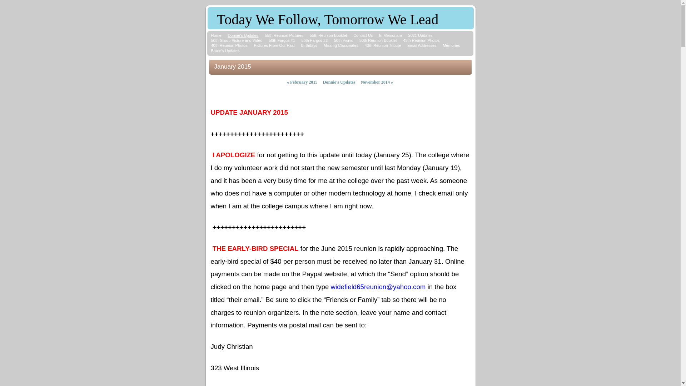  What do you see at coordinates (340, 45) in the screenshot?
I see `'Missing Classmates'` at bounding box center [340, 45].